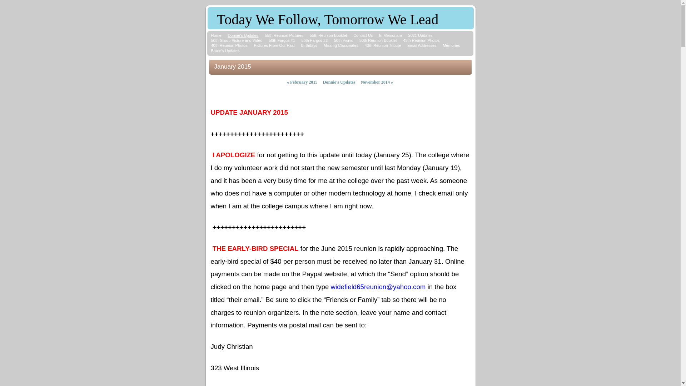  What do you see at coordinates (340, 45) in the screenshot?
I see `'Missing Classmates'` at bounding box center [340, 45].